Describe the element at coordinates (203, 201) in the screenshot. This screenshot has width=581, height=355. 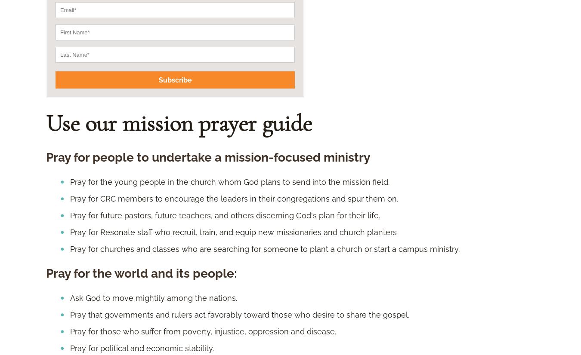
I see `'Experience protection from loneliness, discouragement, and depression.'` at that location.